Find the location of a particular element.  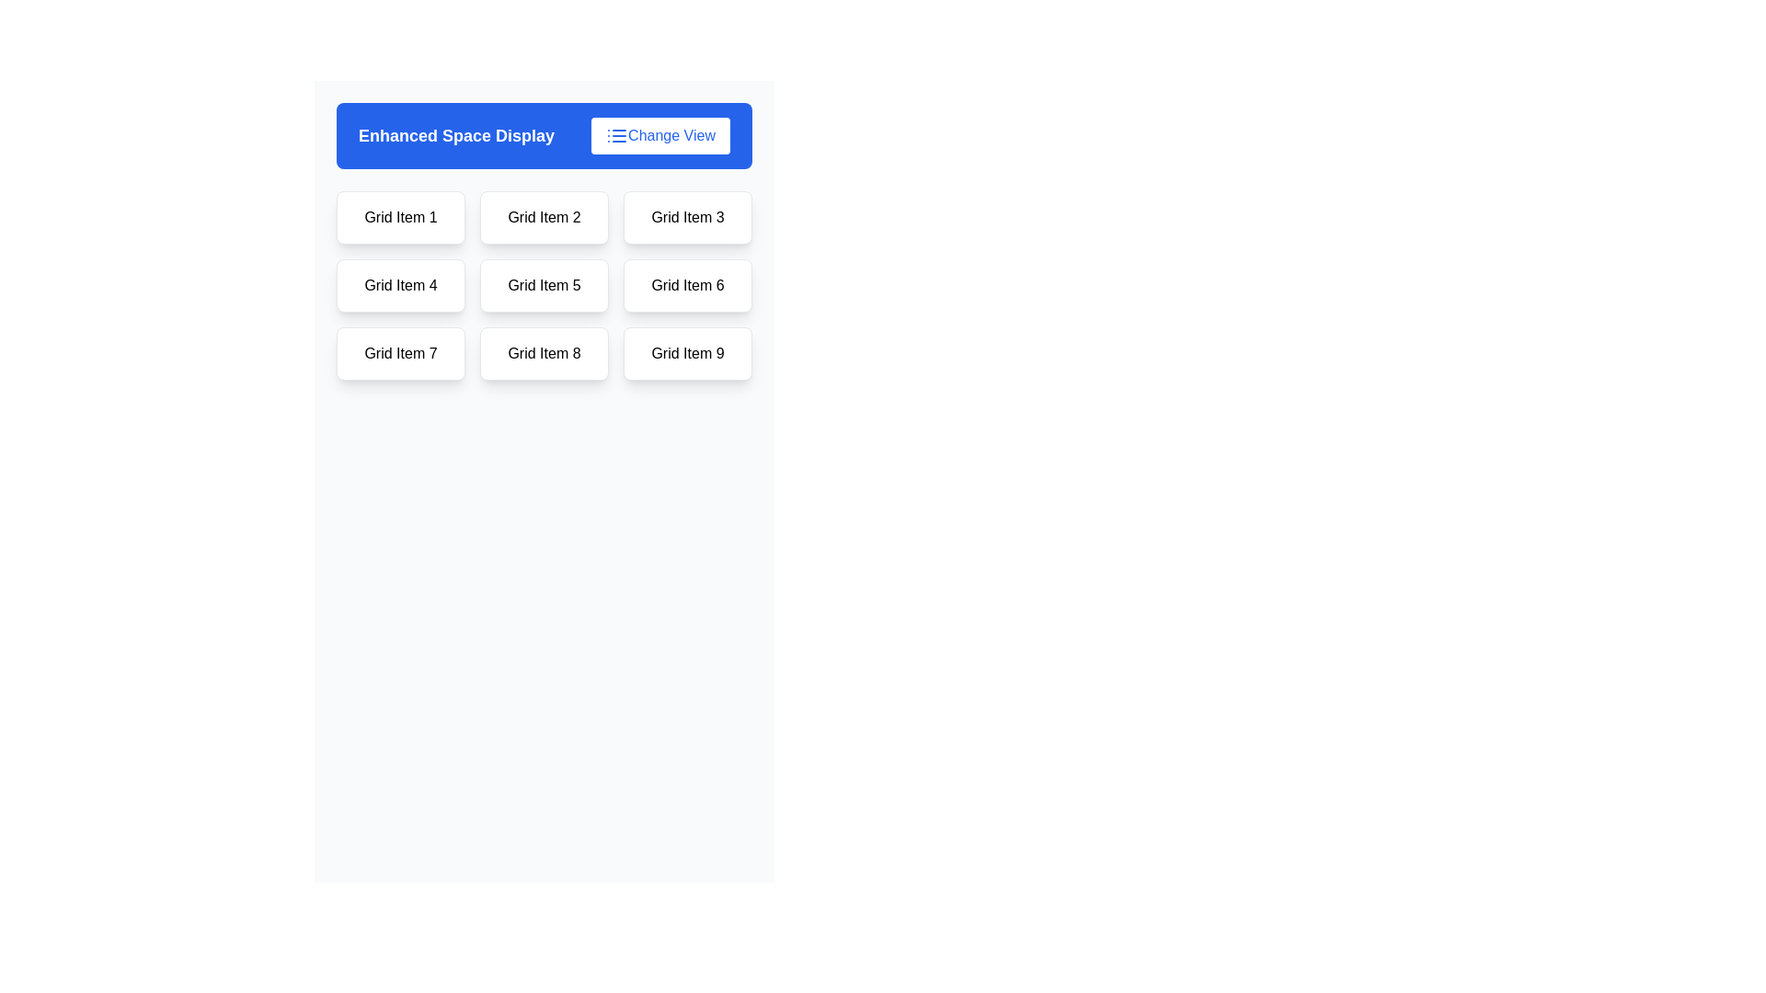

the 'Grid Item 9' card located in the bottom-right corner of the 3x3 grid layout, which contains centered text reading 'Grid Item 9' is located at coordinates (687, 354).